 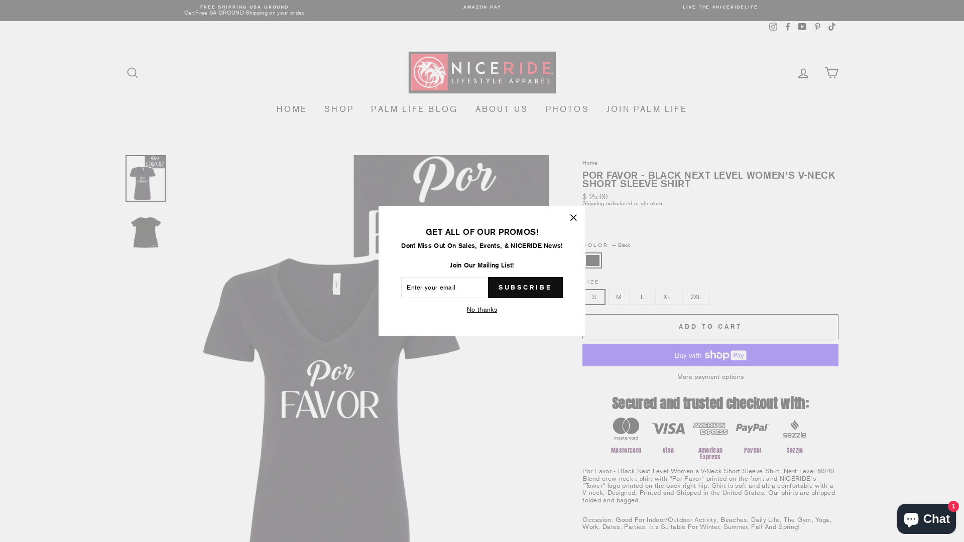 What do you see at coordinates (132, 72) in the screenshot?
I see `'SEARCH'` at bounding box center [132, 72].